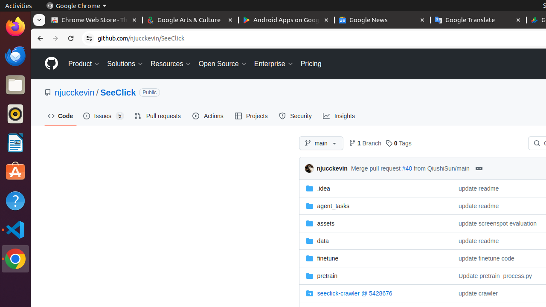  I want to click on 'Merge pull request', so click(375, 168).